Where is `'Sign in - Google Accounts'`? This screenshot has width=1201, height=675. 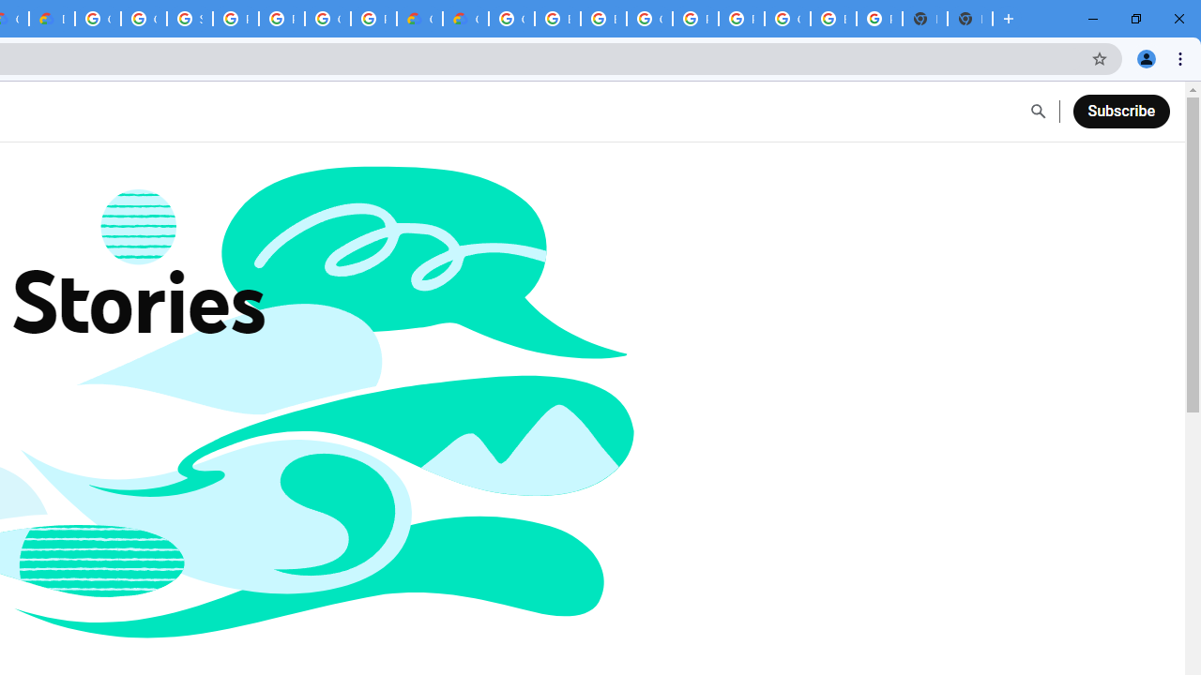 'Sign in - Google Accounts' is located at coordinates (190, 19).